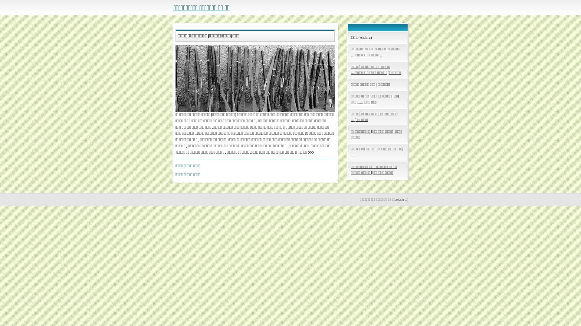  I want to click on 'ISIL (Aishiru)', so click(377, 37).